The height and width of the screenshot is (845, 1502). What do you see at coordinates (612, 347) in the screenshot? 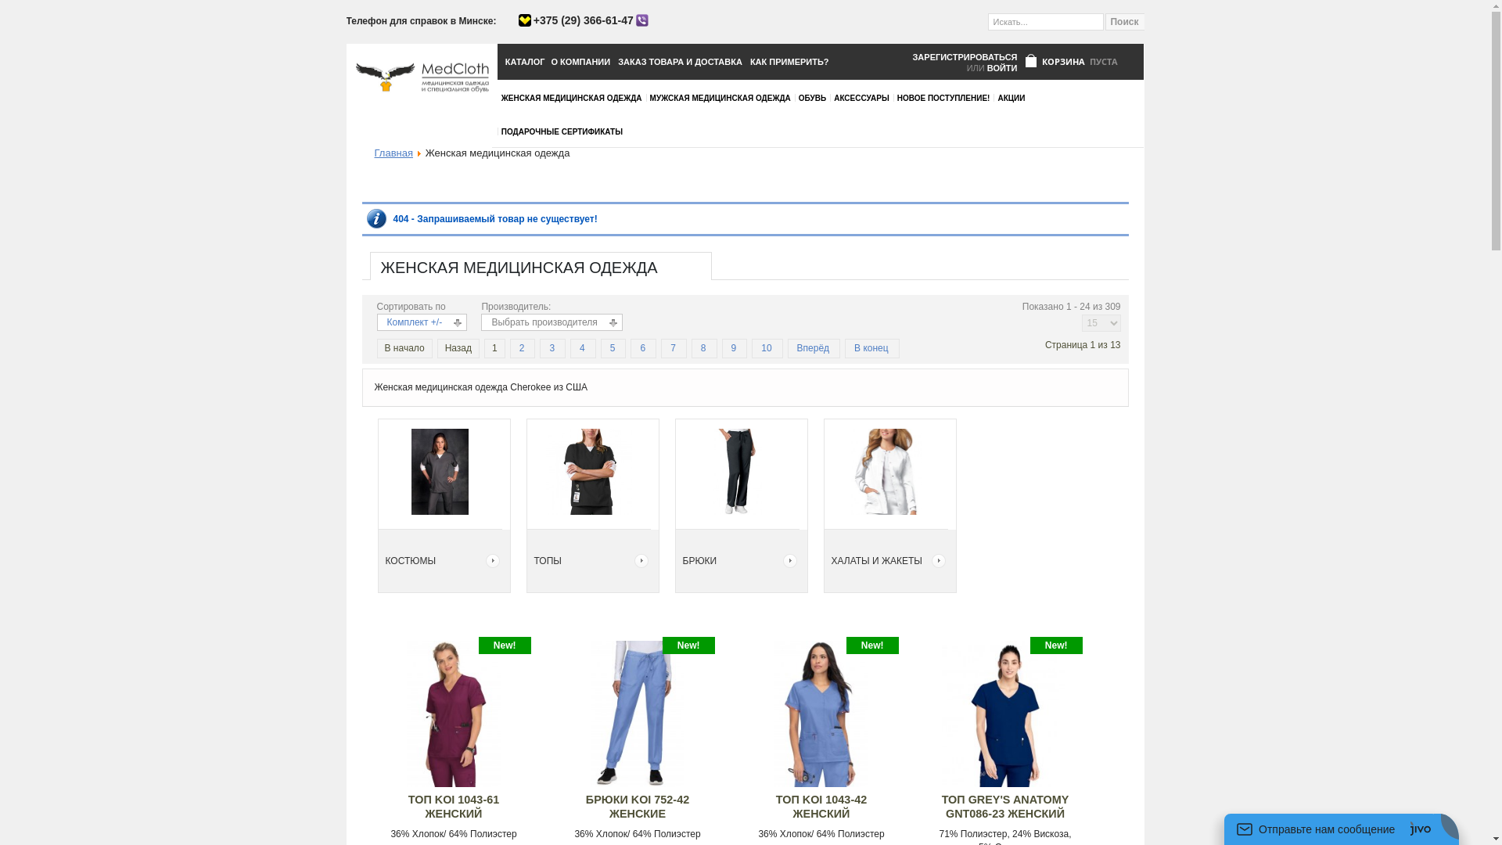
I see `'5'` at bounding box center [612, 347].